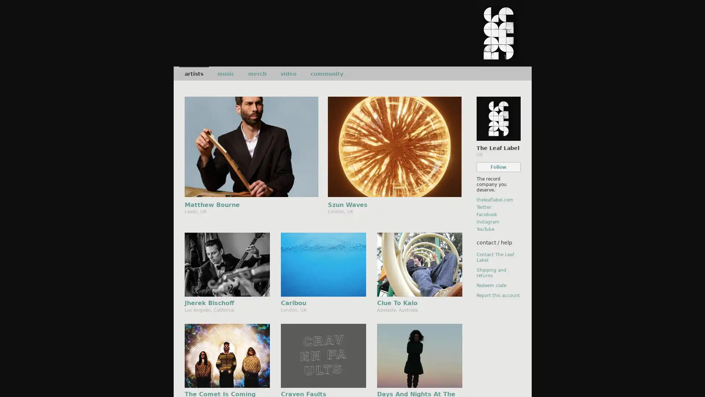 The image size is (705, 397). Describe the element at coordinates (498, 167) in the screenshot. I see `Follow` at that location.